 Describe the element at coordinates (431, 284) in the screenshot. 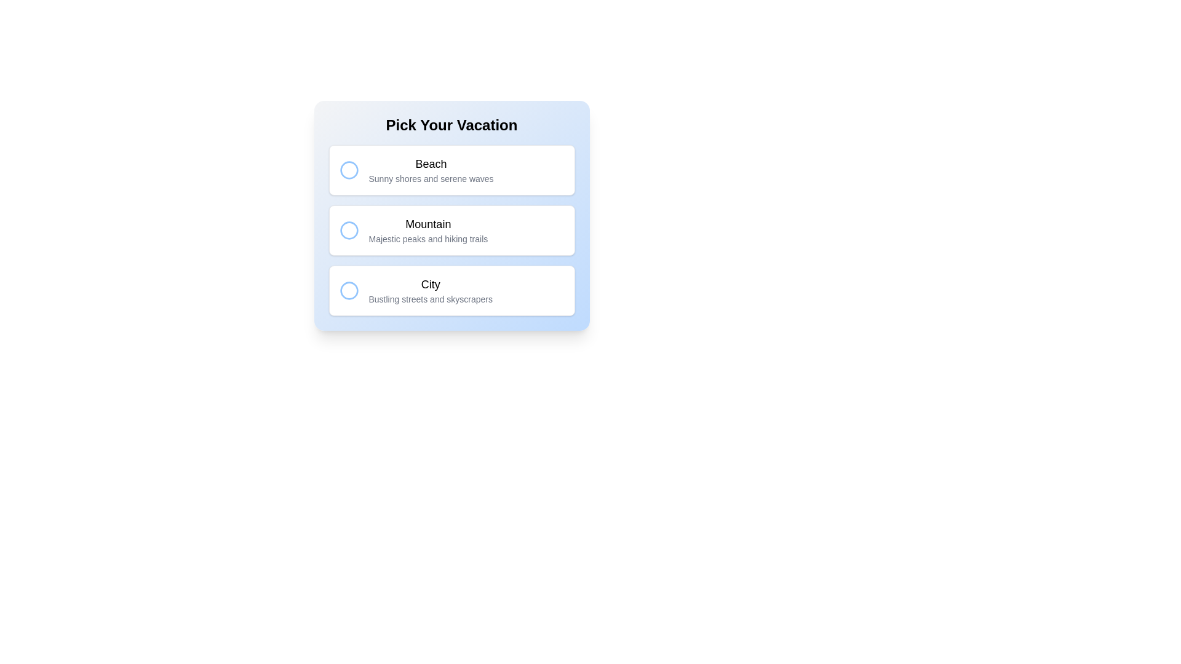

I see `'City' vacation option label, which indicates the primary identifier for this selectable vacation theme, located to the right of a radio button and above the text 'Bustling streets and skyscrapers.'` at that location.